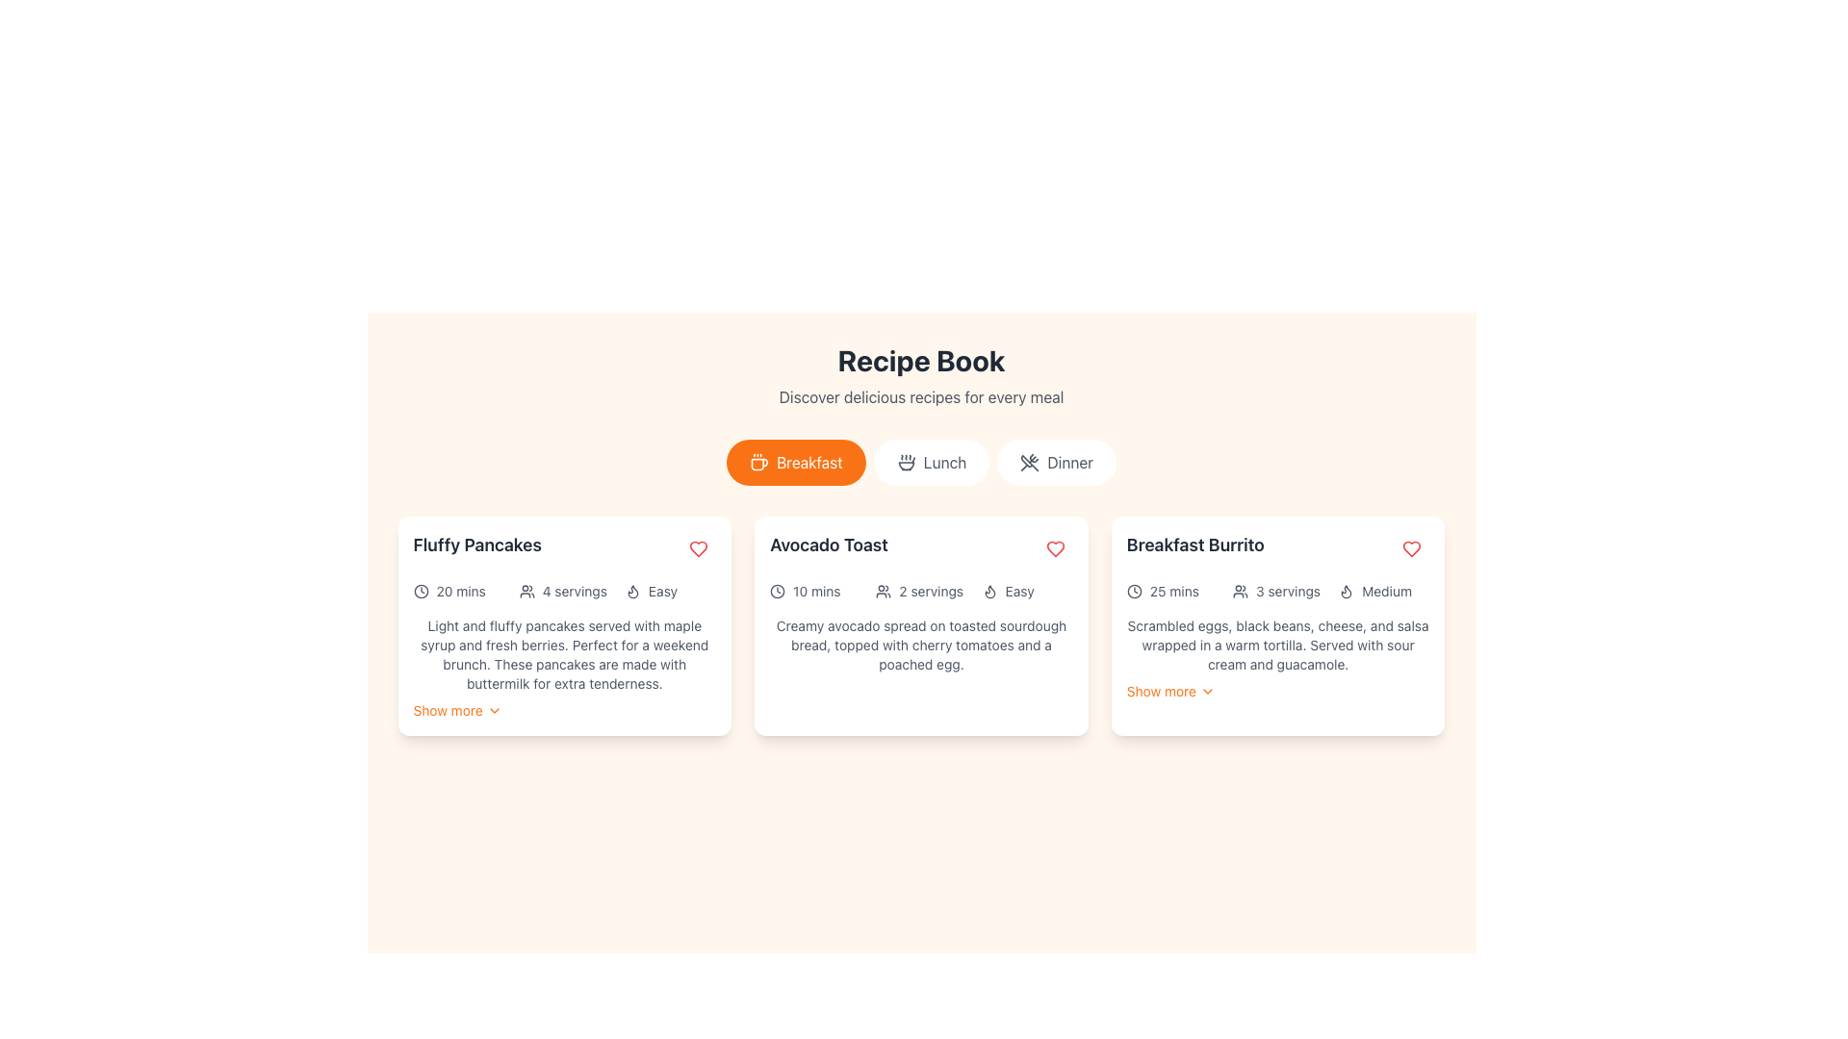 This screenshot has width=1848, height=1039. I want to click on the text label directly beneath the 'Recipe Book' heading to trigger any tooltip if applicable, so click(920, 395).